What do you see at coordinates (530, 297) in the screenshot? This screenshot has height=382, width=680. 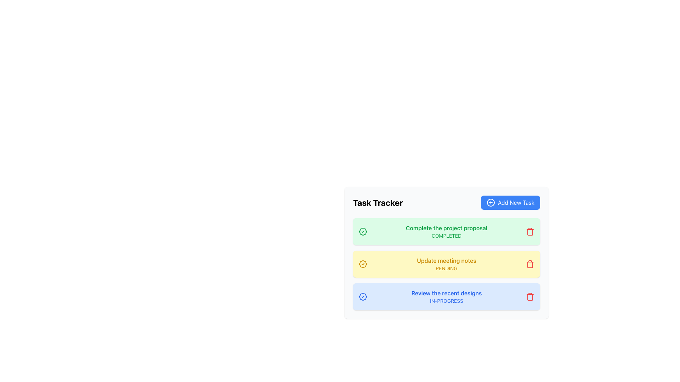 I see `the delete button located at the far right side of the task card for 'Review the recent designs'` at bounding box center [530, 297].